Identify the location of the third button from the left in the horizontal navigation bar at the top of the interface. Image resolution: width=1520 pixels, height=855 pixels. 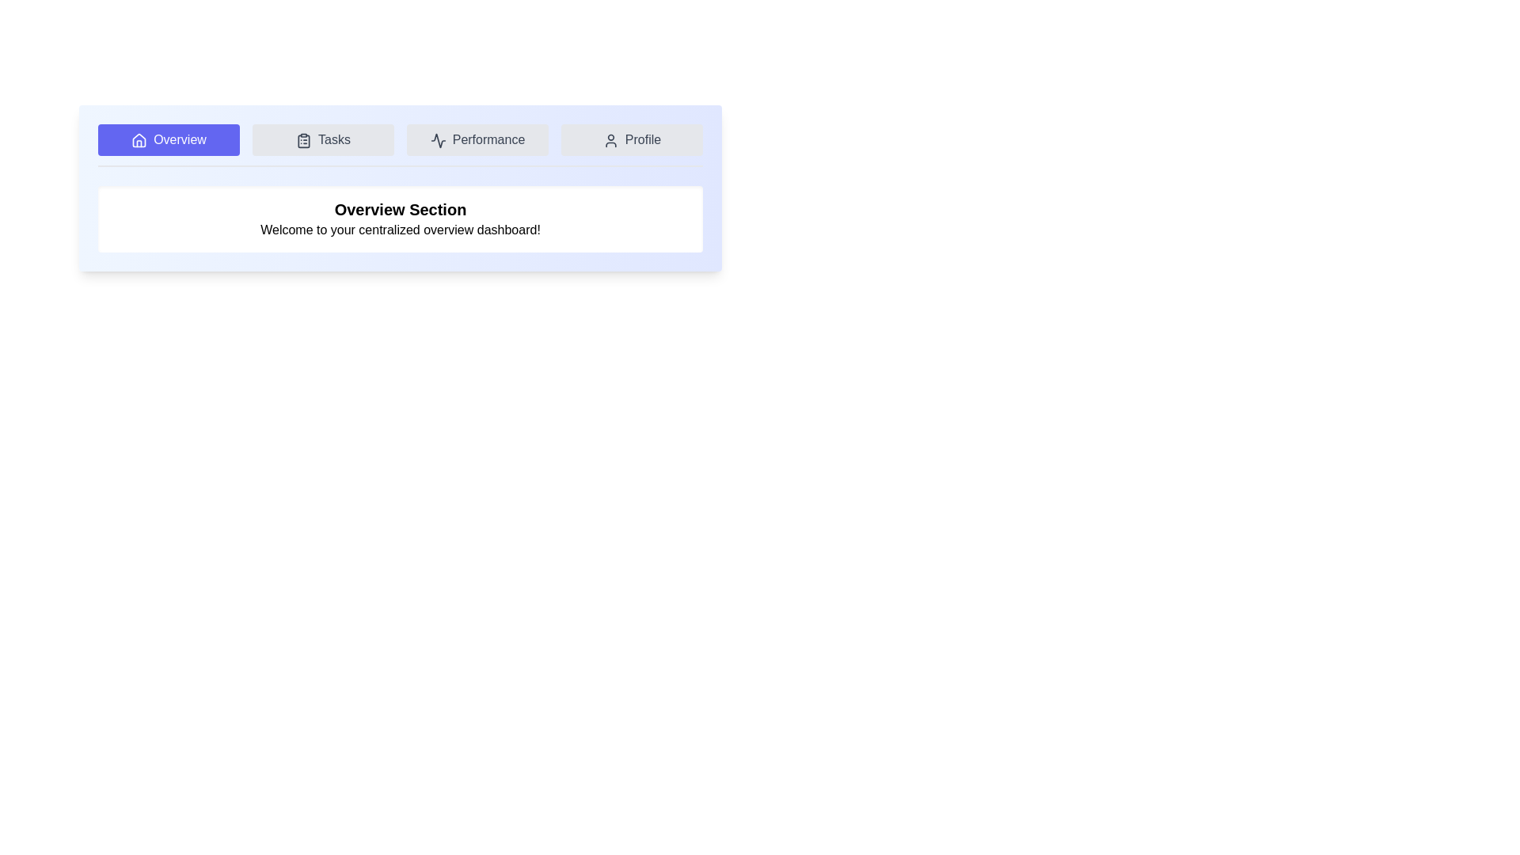
(477, 139).